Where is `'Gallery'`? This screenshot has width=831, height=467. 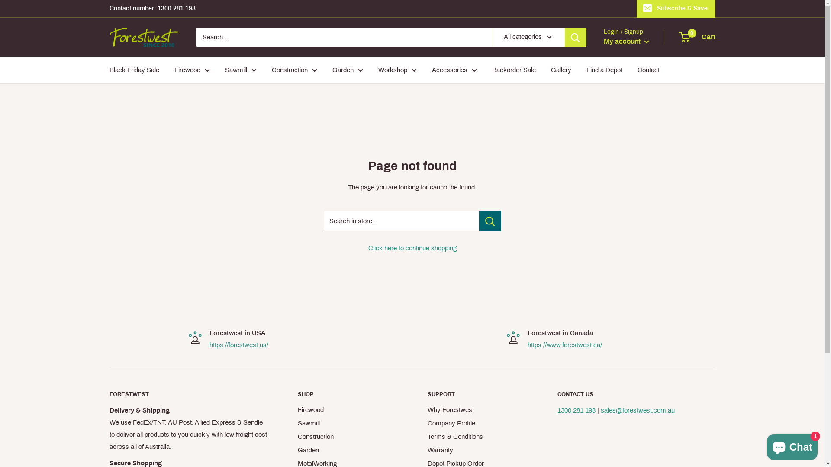
'Gallery' is located at coordinates (560, 70).